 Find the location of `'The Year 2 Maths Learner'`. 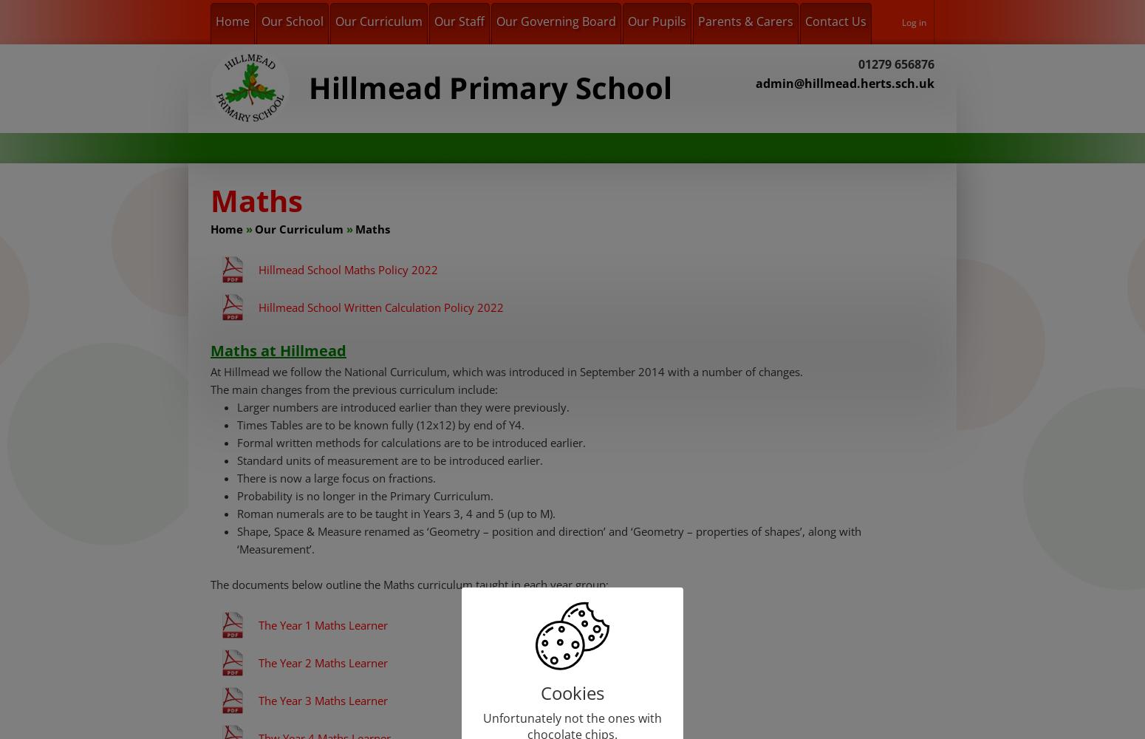

'The Year 2 Maths Learner' is located at coordinates (257, 663).